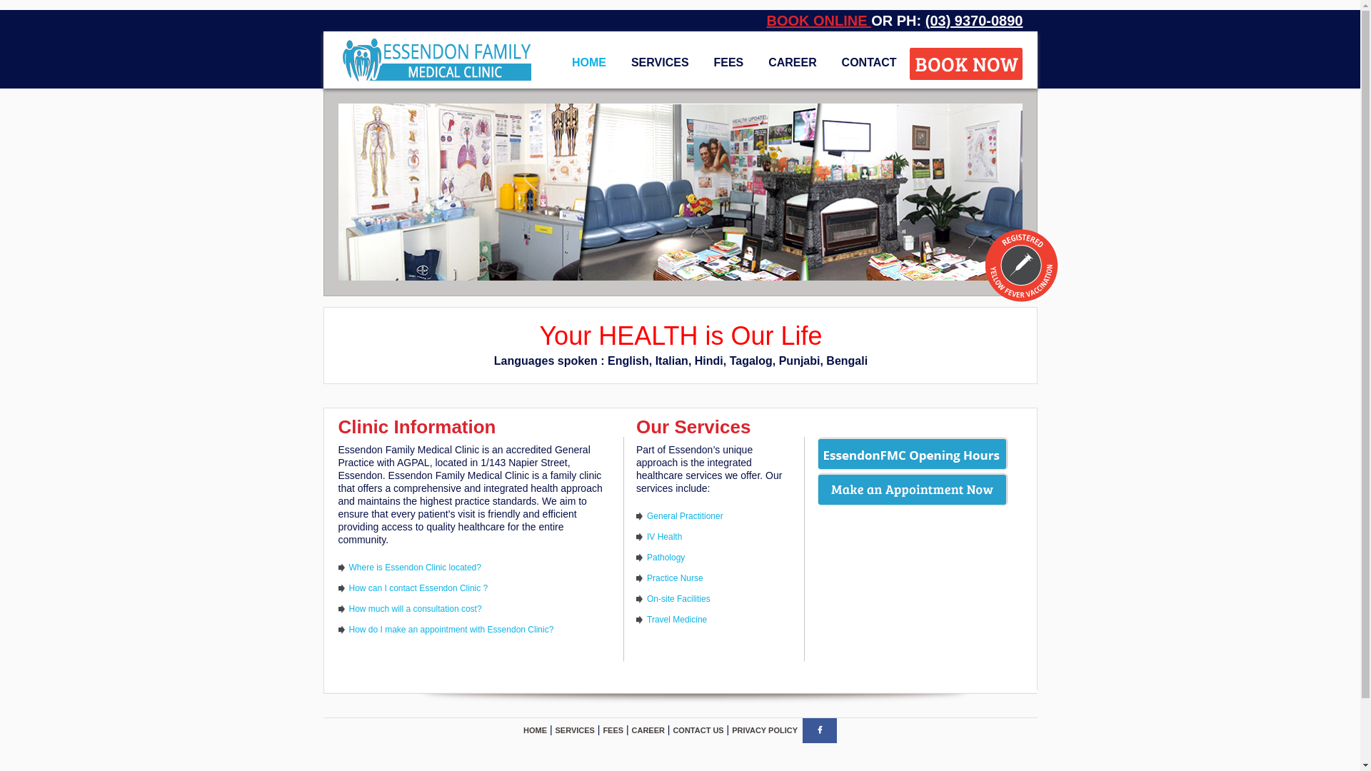 Image resolution: width=1371 pixels, height=771 pixels. What do you see at coordinates (665, 556) in the screenshot?
I see `'Pathology'` at bounding box center [665, 556].